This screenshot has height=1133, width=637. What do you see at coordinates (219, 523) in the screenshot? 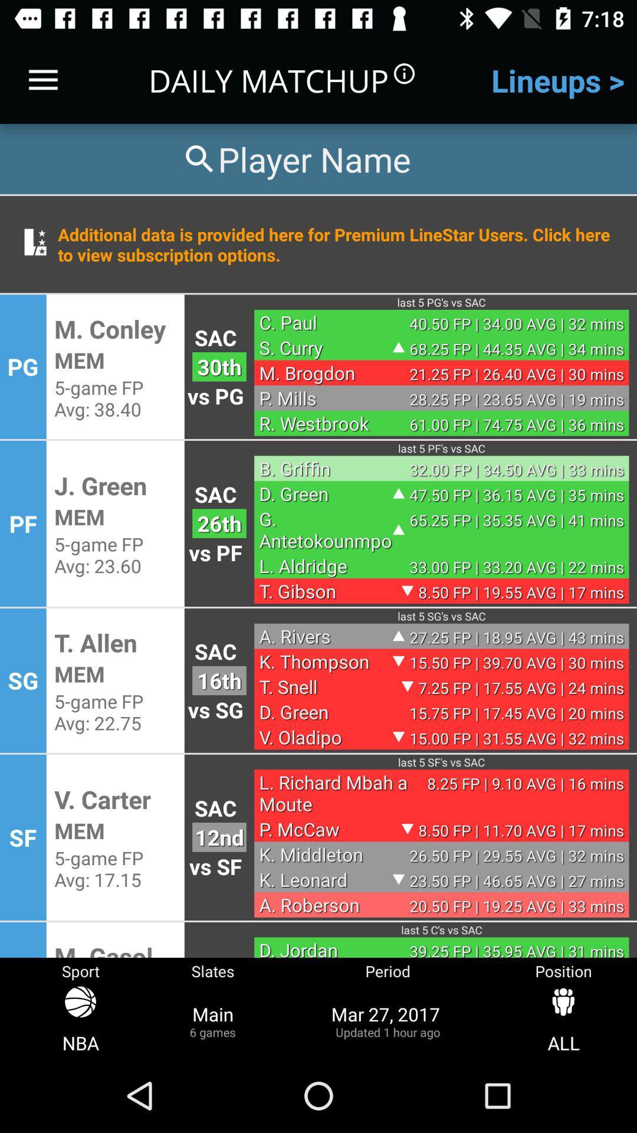
I see `the 26th icon` at bounding box center [219, 523].